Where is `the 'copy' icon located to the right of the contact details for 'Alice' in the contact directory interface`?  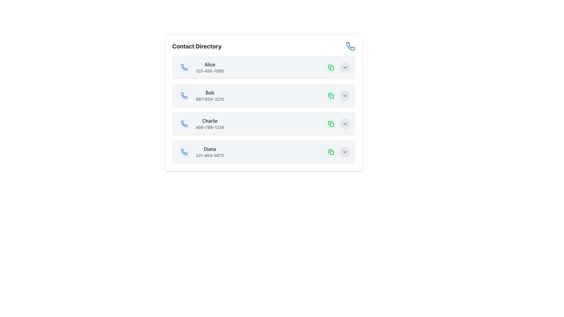
the 'copy' icon located to the right of the contact details for 'Alice' in the contact directory interface is located at coordinates (330, 66).